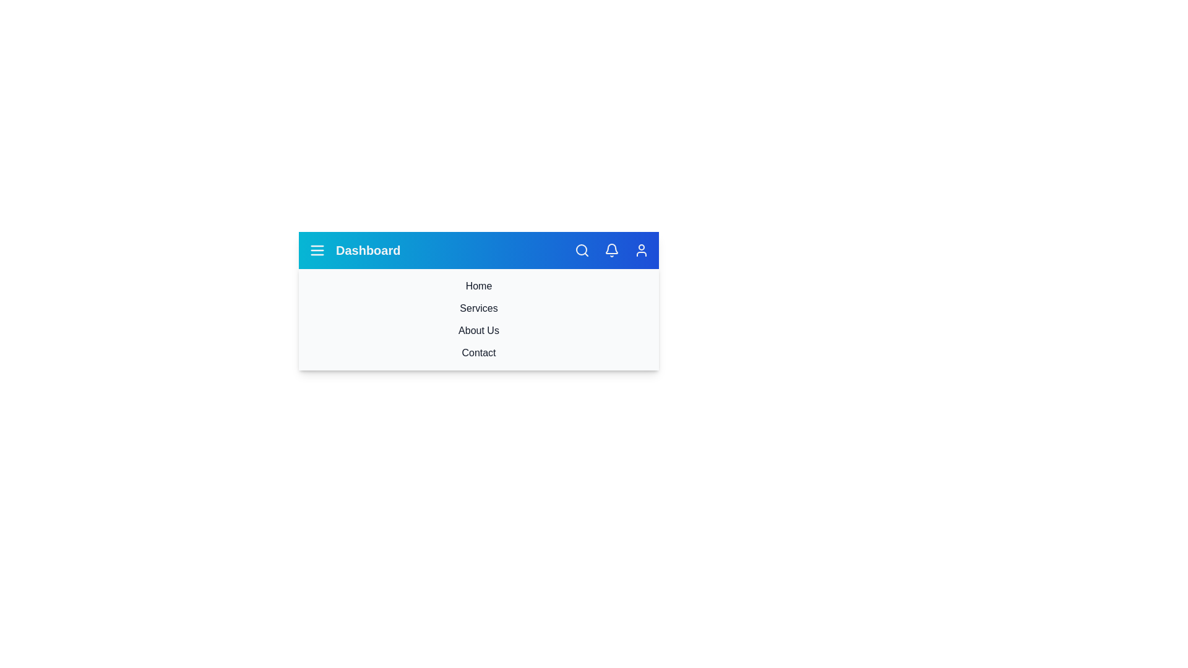 This screenshot has width=1188, height=668. What do you see at coordinates (478, 330) in the screenshot?
I see `the navigation item About Us by clicking on it` at bounding box center [478, 330].